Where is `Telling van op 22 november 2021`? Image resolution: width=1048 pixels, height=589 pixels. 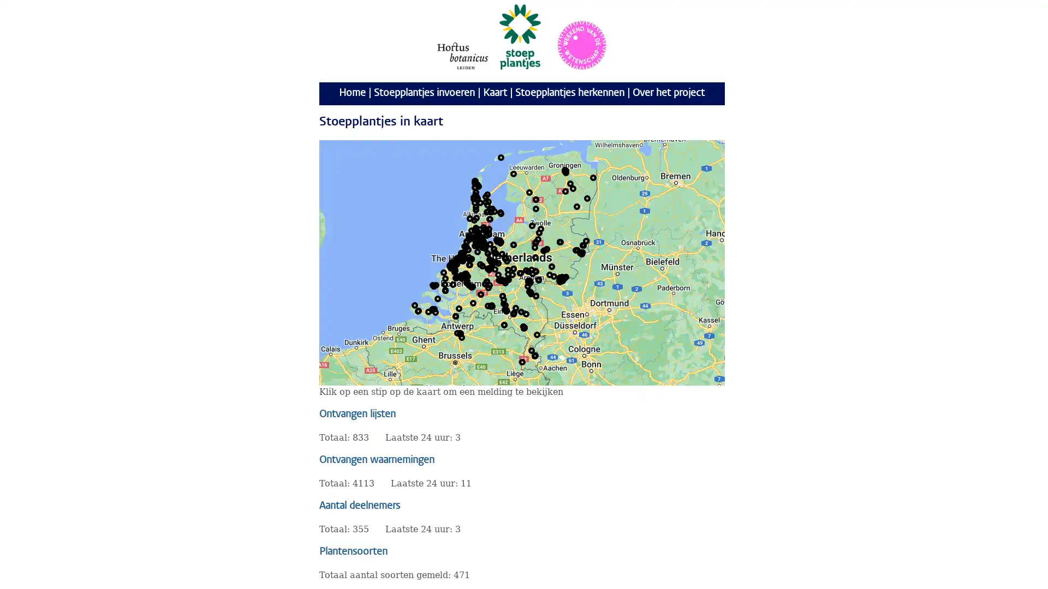
Telling van op 22 november 2021 is located at coordinates (466, 246).